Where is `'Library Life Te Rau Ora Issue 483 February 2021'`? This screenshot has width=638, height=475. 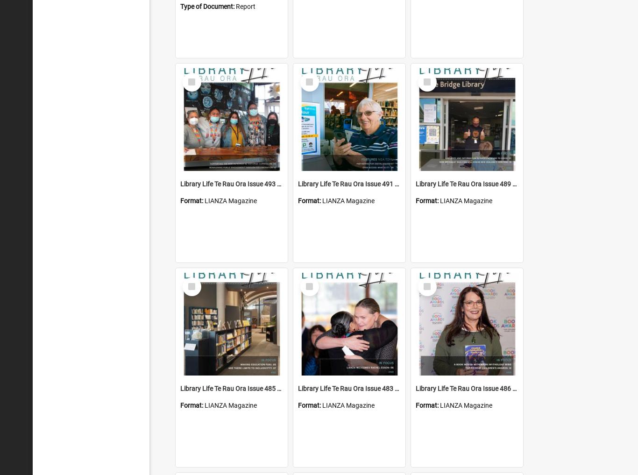 'Library Life Te Rau Ora Issue 483 February 2021' is located at coordinates (367, 388).